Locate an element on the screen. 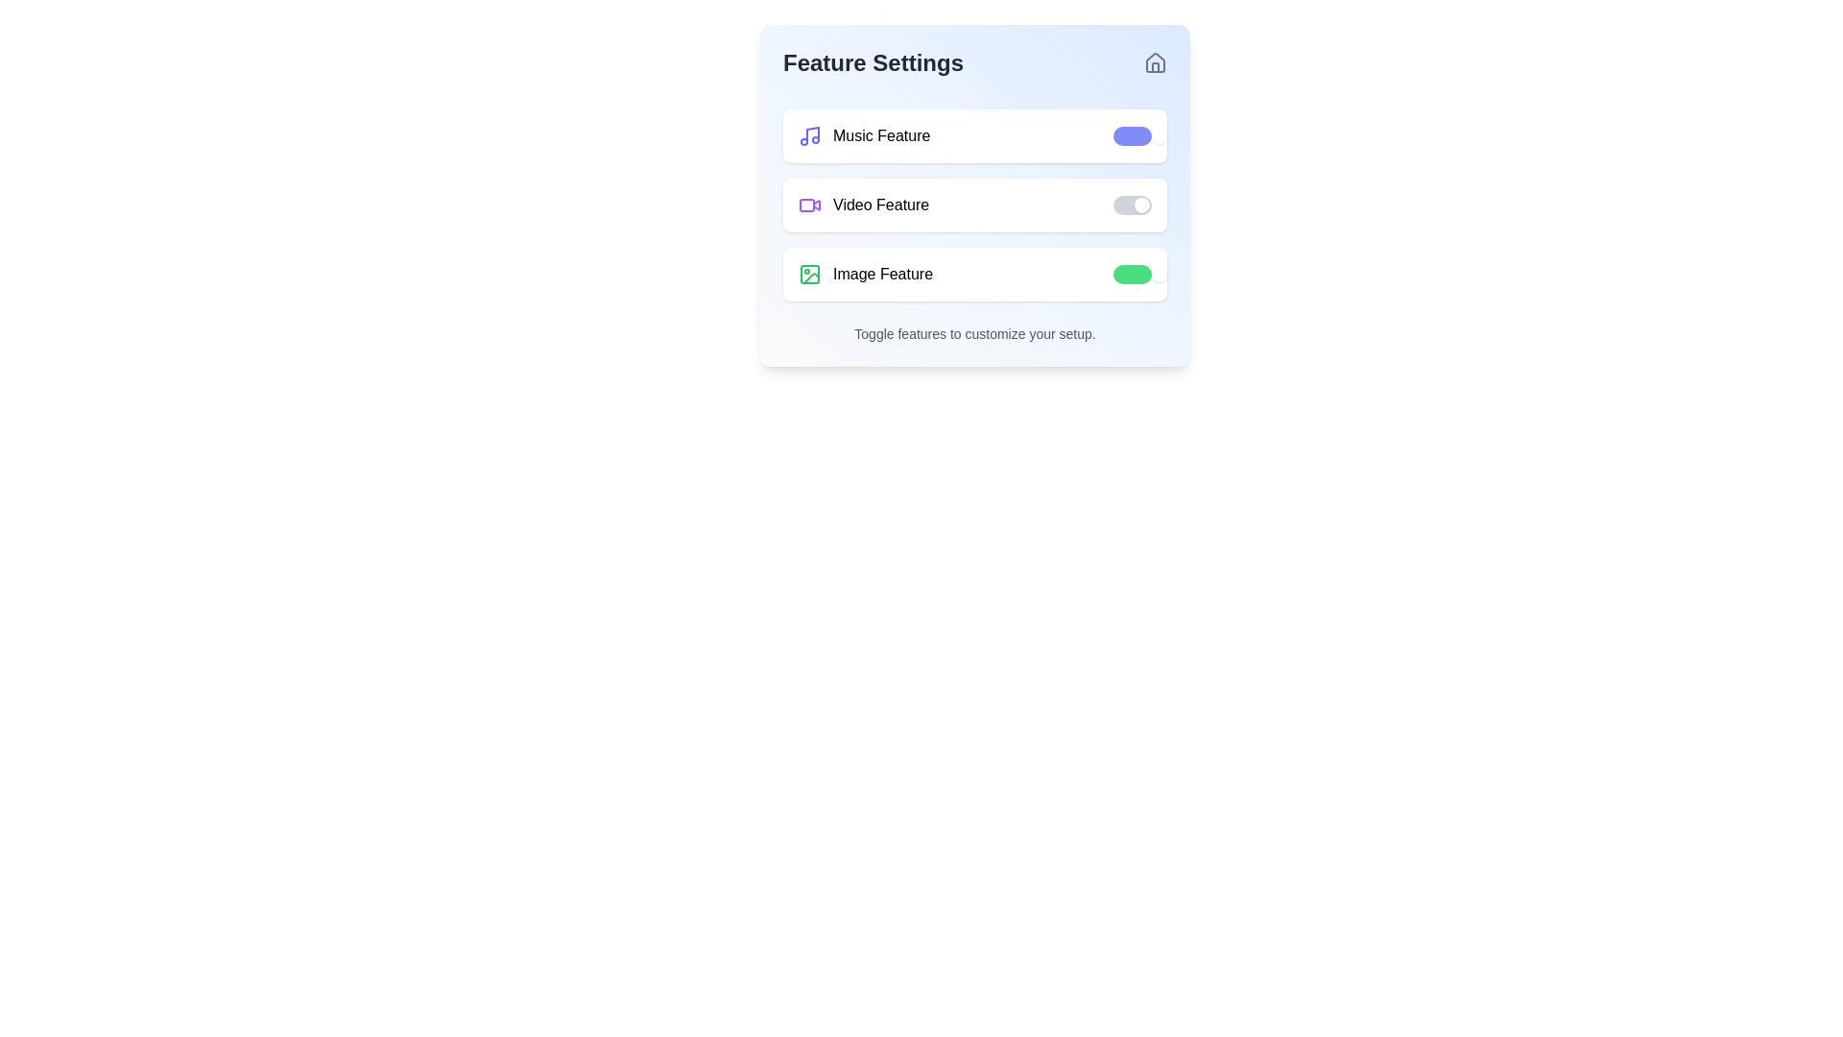  the specific feature rows of the Settings panel that contains 'Music Feature', 'Video Feature', and 'Image Feature' is located at coordinates (975, 196).